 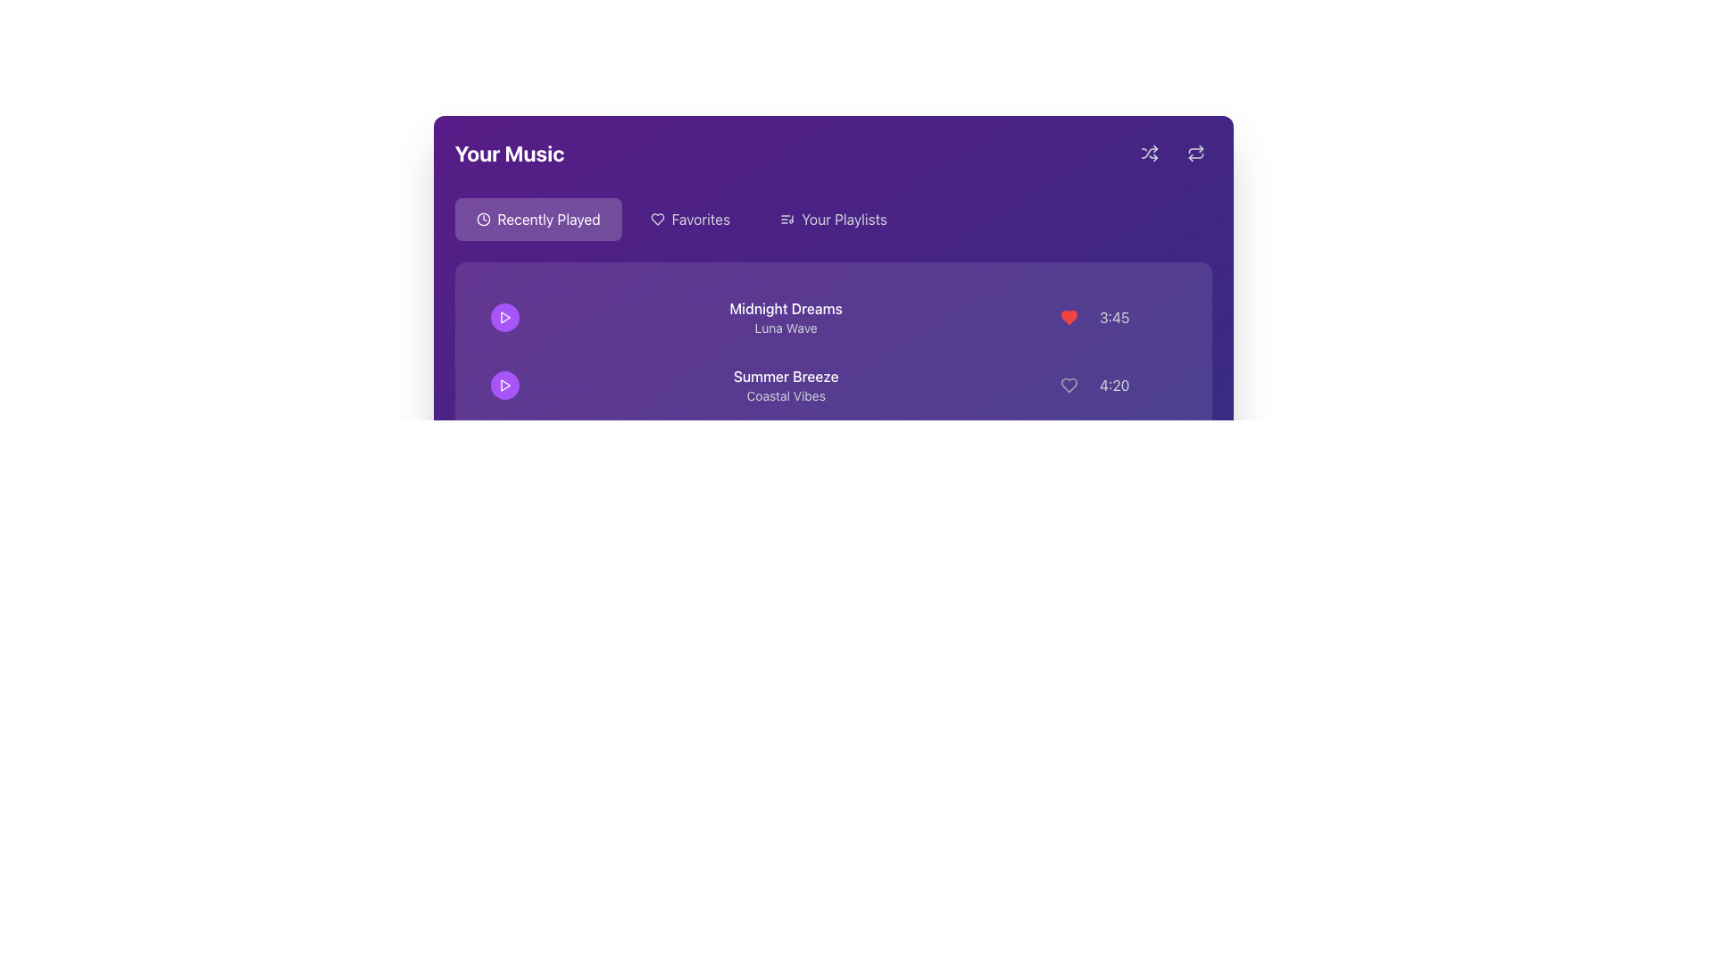 I want to click on the text label displaying the duration of the song 'Summer Breeze', which is located at the far right within the song information row in the music list interface, so click(x=1113, y=385).